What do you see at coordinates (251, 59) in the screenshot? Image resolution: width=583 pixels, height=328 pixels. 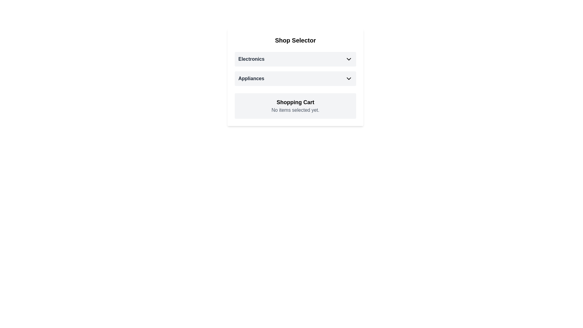 I see `the 'Electronics' text label element, which is styled with a bold font and dark gray color, located in the 'Shop Selector' panel's first row of selectable items` at bounding box center [251, 59].